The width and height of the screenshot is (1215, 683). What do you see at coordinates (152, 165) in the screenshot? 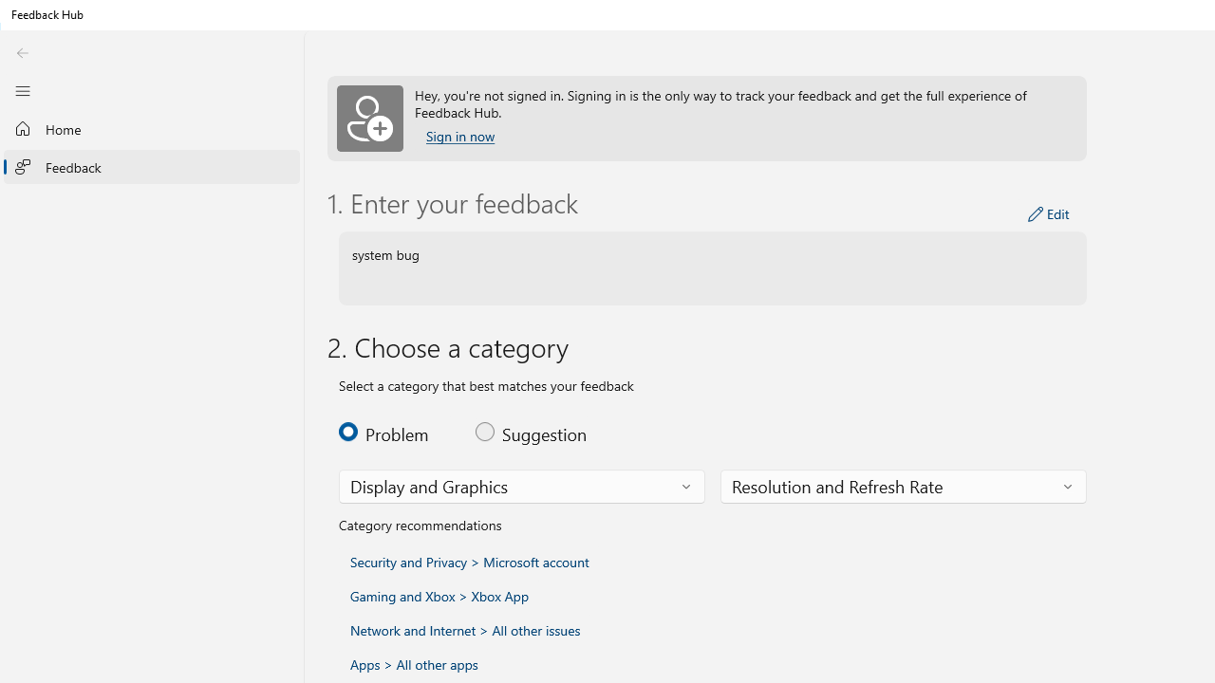
I see `'Feedback'` at bounding box center [152, 165].